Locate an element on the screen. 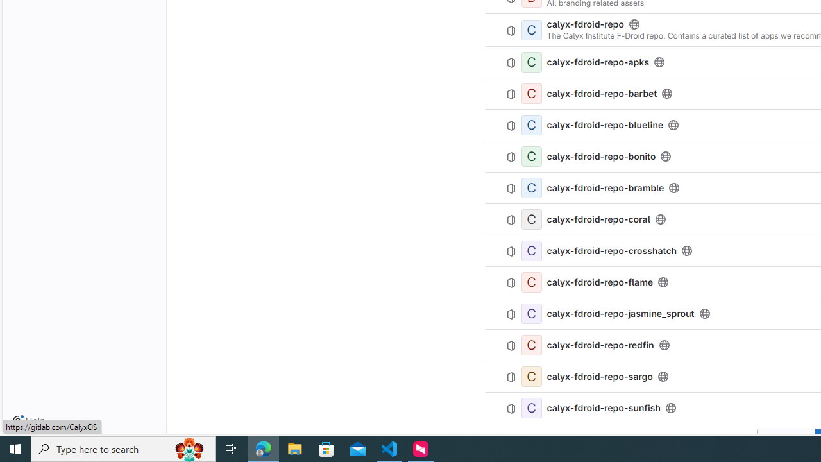  'calyx-fdroid-repo-sunfish' is located at coordinates (603, 407).